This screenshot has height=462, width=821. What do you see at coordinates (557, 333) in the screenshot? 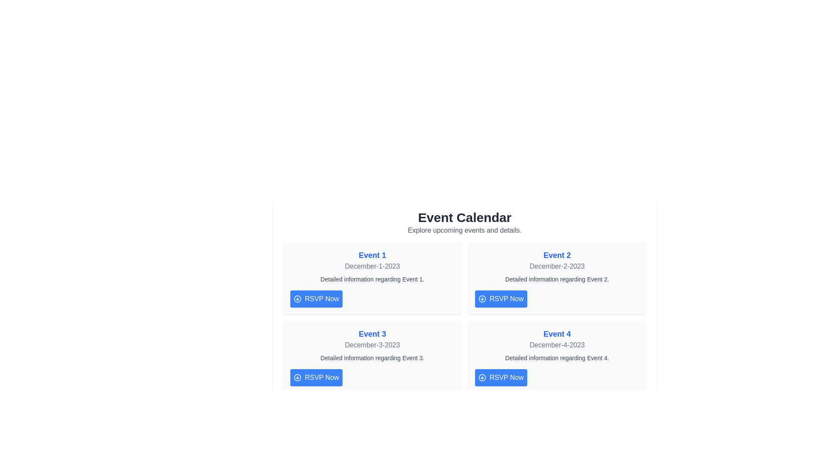
I see `the text label displaying 'Event 4', which is styled with a bold font and blue color, located at the top of the card structure containing additional event details` at bounding box center [557, 333].